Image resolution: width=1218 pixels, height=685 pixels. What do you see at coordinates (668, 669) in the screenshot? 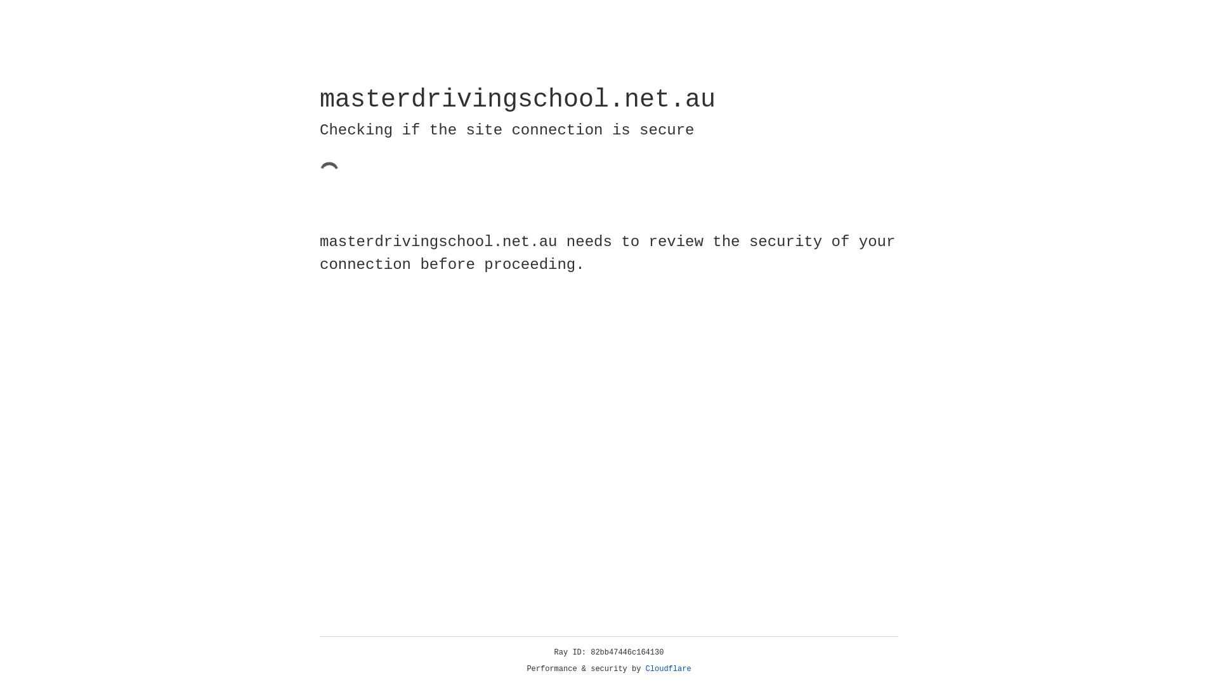
I see `'Cloudflare'` at bounding box center [668, 669].